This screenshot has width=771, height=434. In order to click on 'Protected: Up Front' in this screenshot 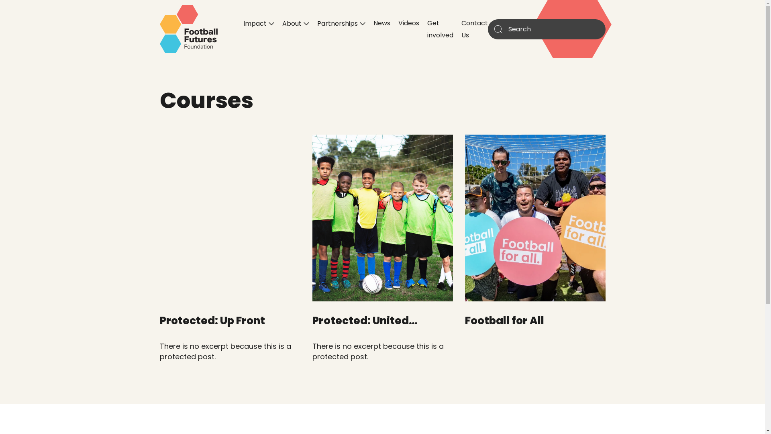, I will do `click(212, 320)`.